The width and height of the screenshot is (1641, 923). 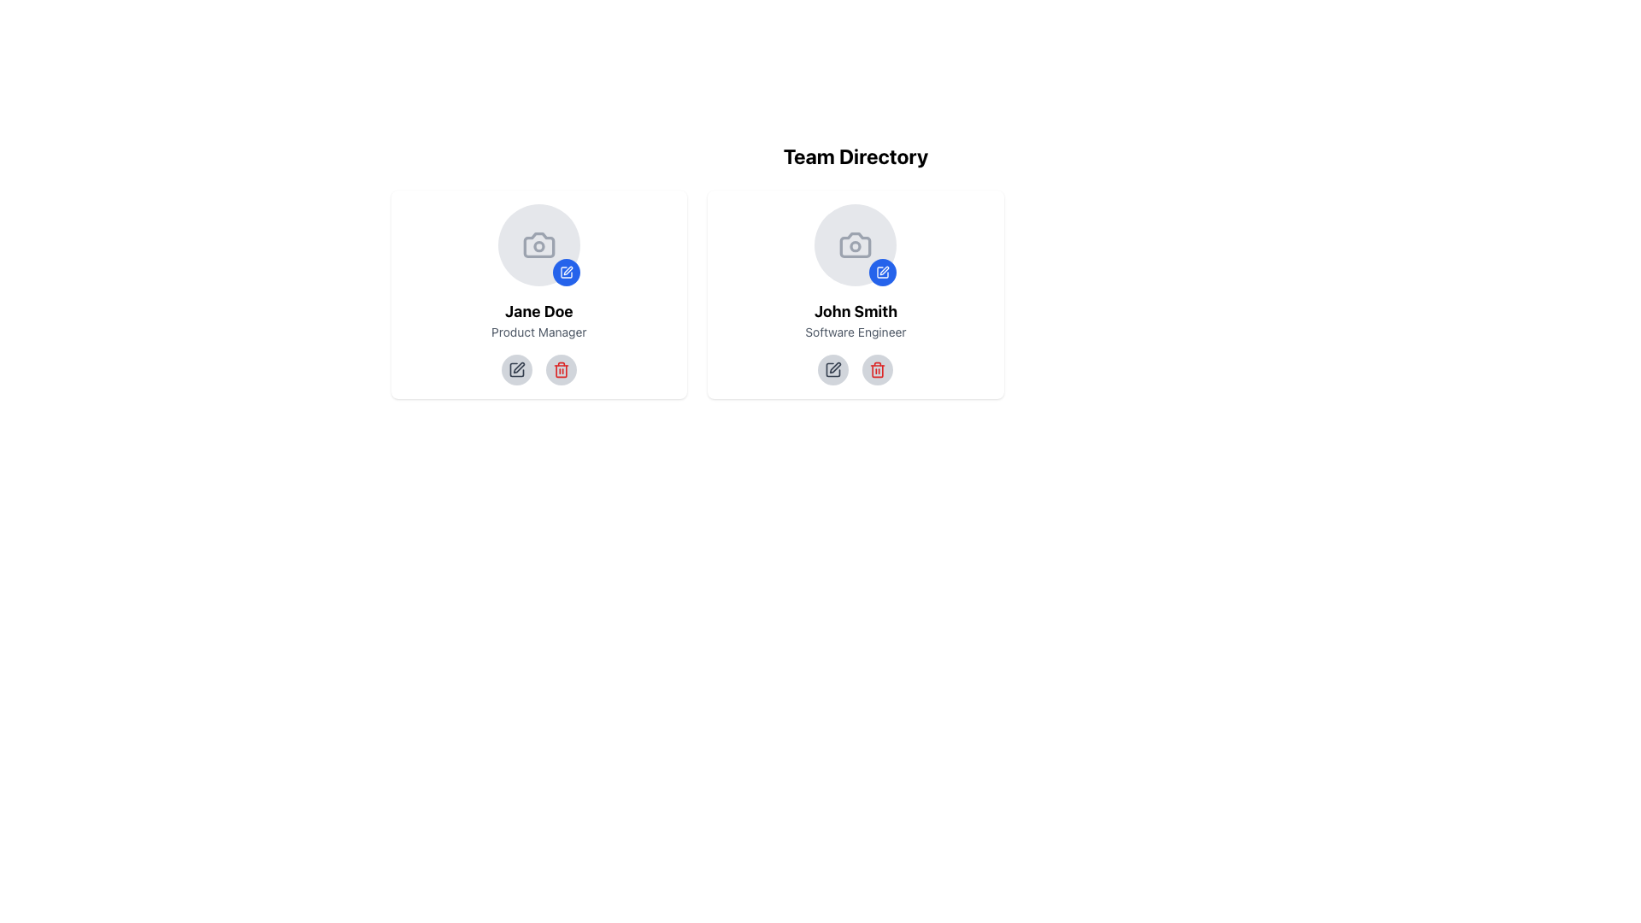 I want to click on the delete icon located on the bottom row of actionable icons in the profile card of user 'Jane Doe', so click(x=561, y=368).